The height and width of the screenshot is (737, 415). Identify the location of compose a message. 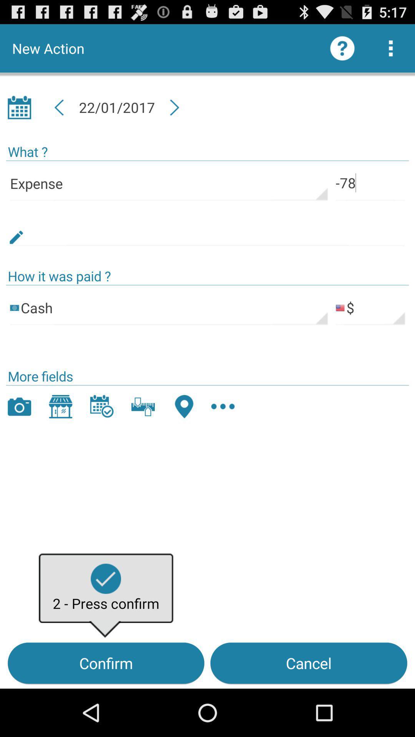
(207, 228).